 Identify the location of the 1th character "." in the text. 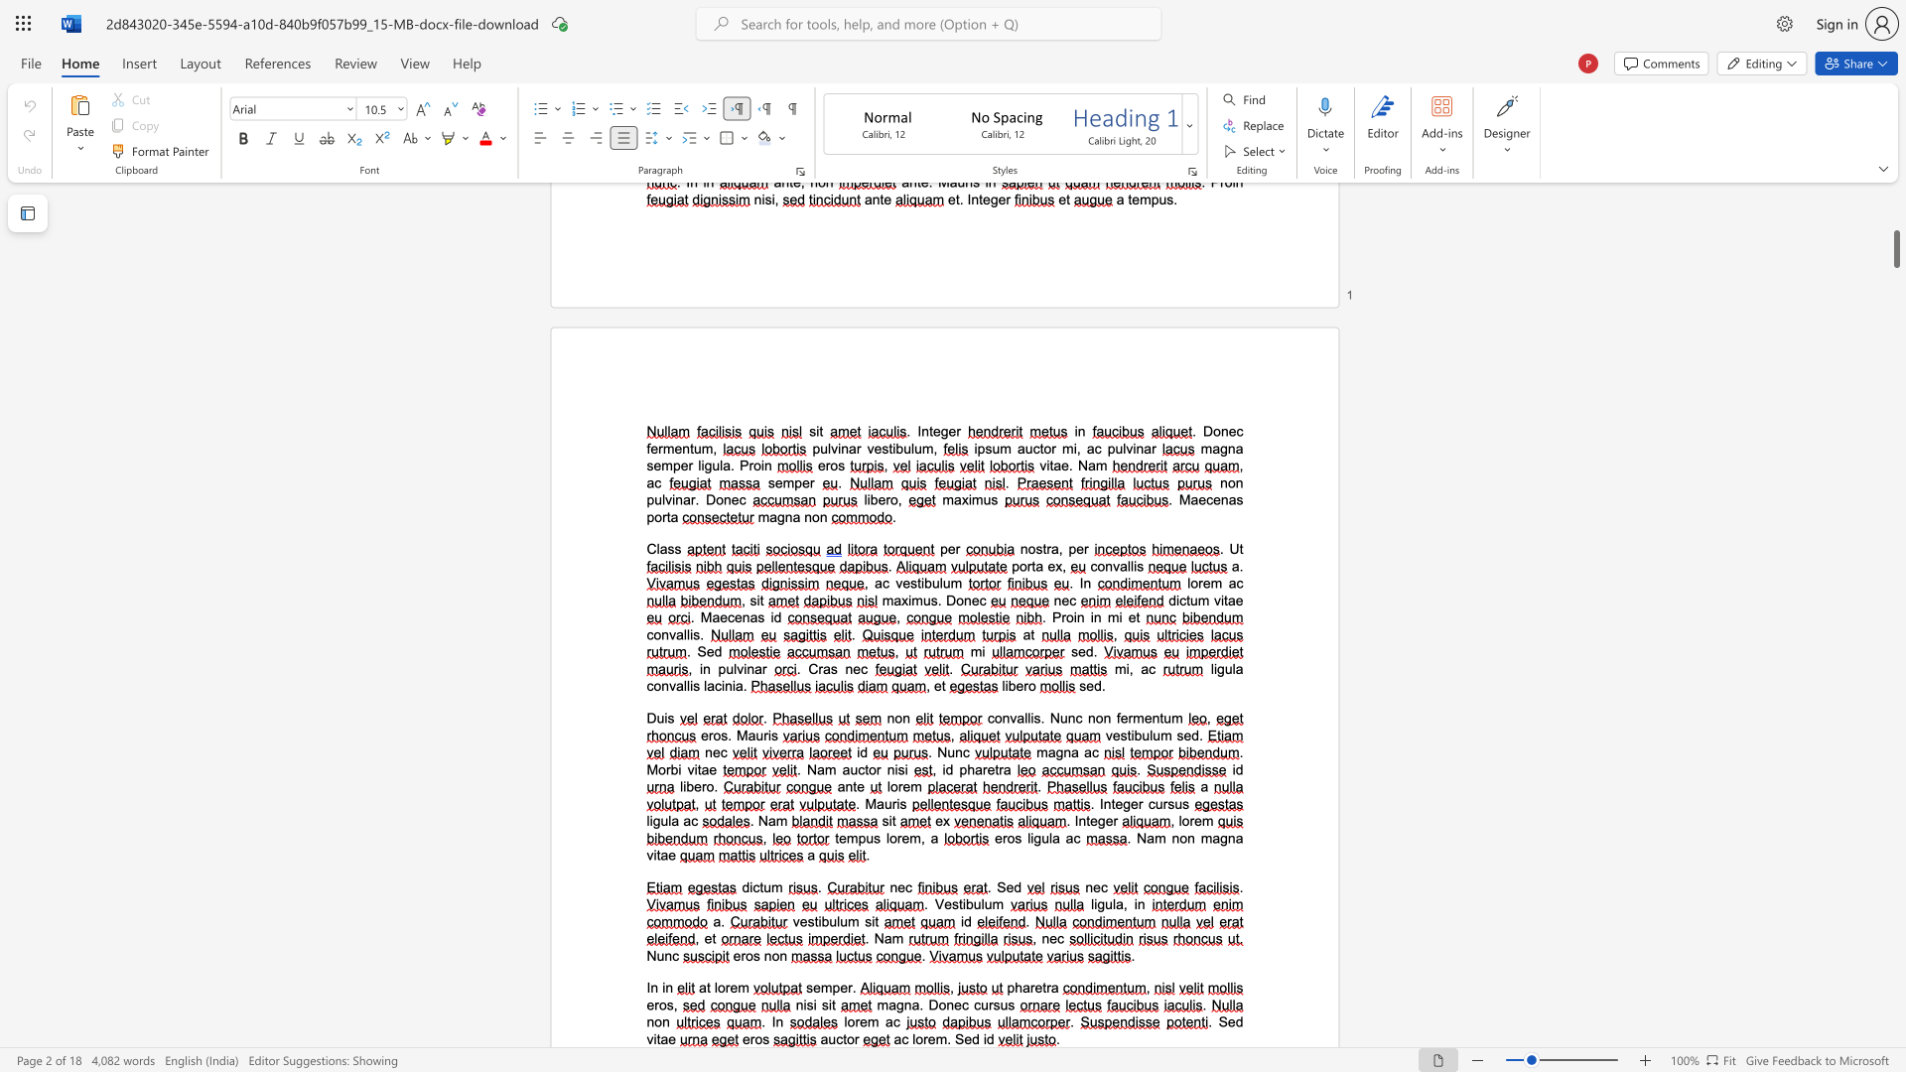
(1209, 1021).